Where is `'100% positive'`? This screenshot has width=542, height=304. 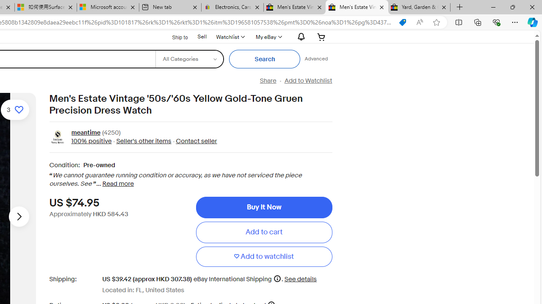
'100% positive' is located at coordinates (91, 141).